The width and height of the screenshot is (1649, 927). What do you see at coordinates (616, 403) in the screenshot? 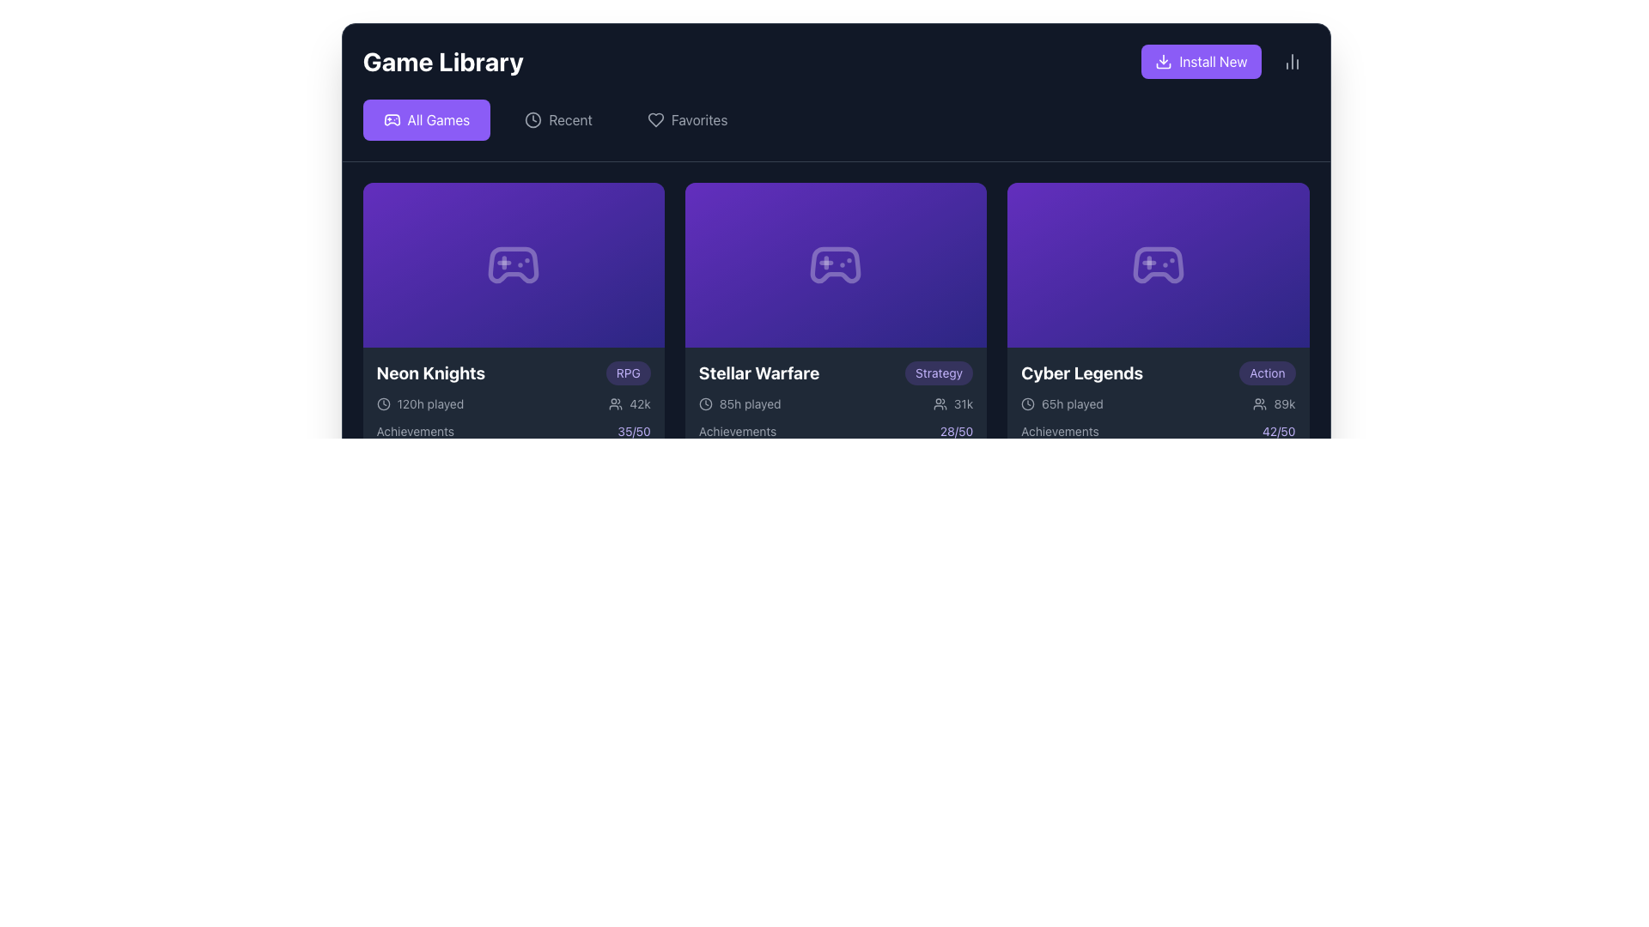
I see `the icon representing the user metric for the game 'Neon Knights', located in the first card of the 'Game Library' section, to the left of the text '42k'` at bounding box center [616, 403].